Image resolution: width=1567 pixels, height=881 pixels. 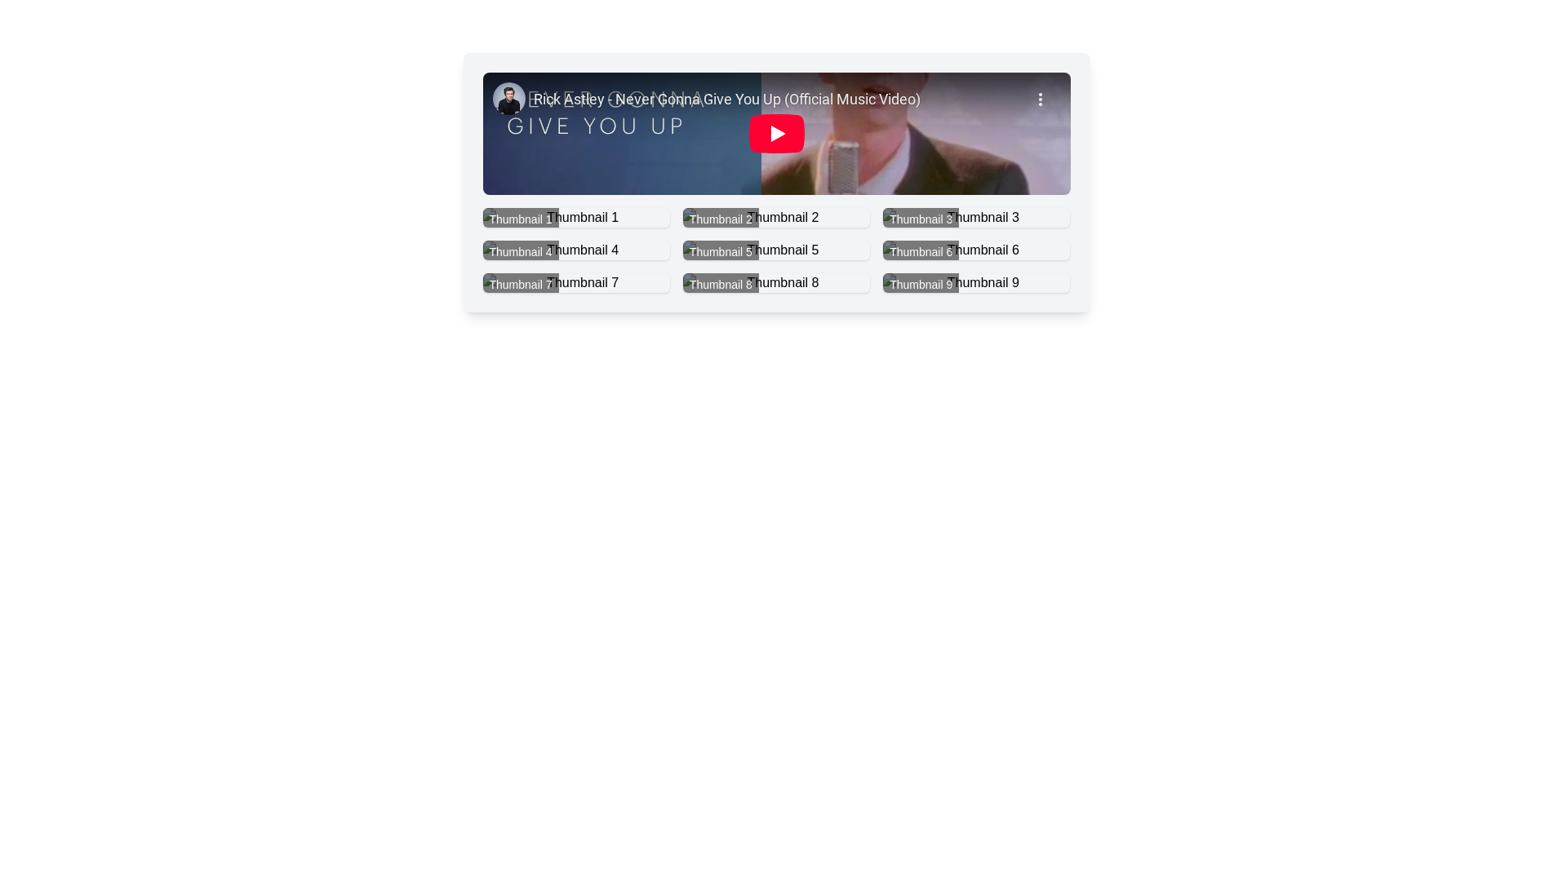 I want to click on the thumbnail labeled 'Thumbnail 5', so click(x=775, y=250).